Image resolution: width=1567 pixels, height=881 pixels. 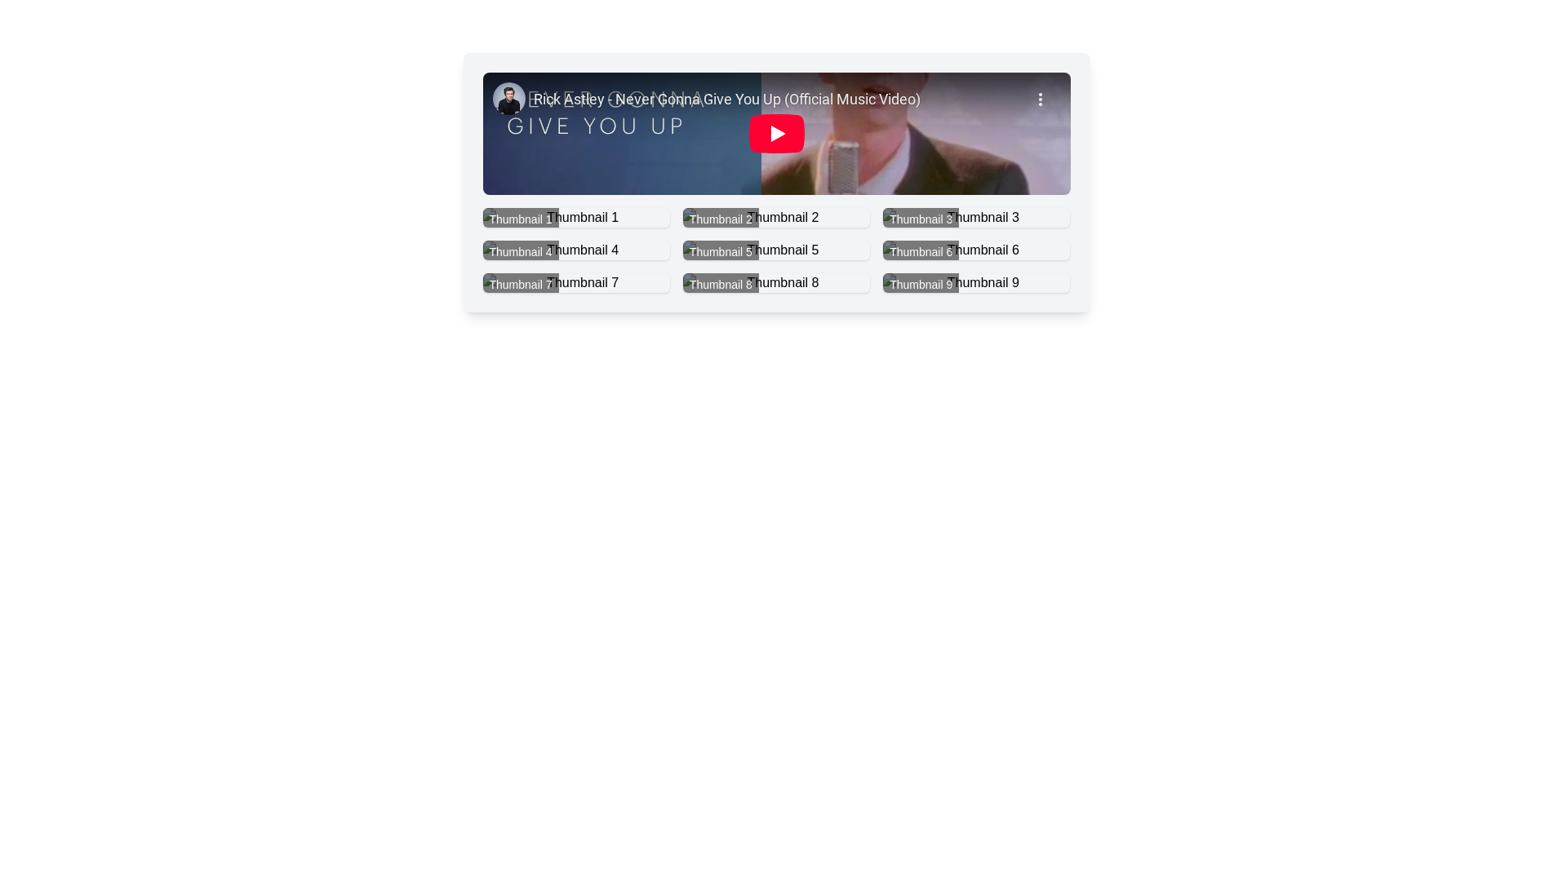 I want to click on the thumbnail labeled 'Thumbnail 5', so click(x=775, y=250).